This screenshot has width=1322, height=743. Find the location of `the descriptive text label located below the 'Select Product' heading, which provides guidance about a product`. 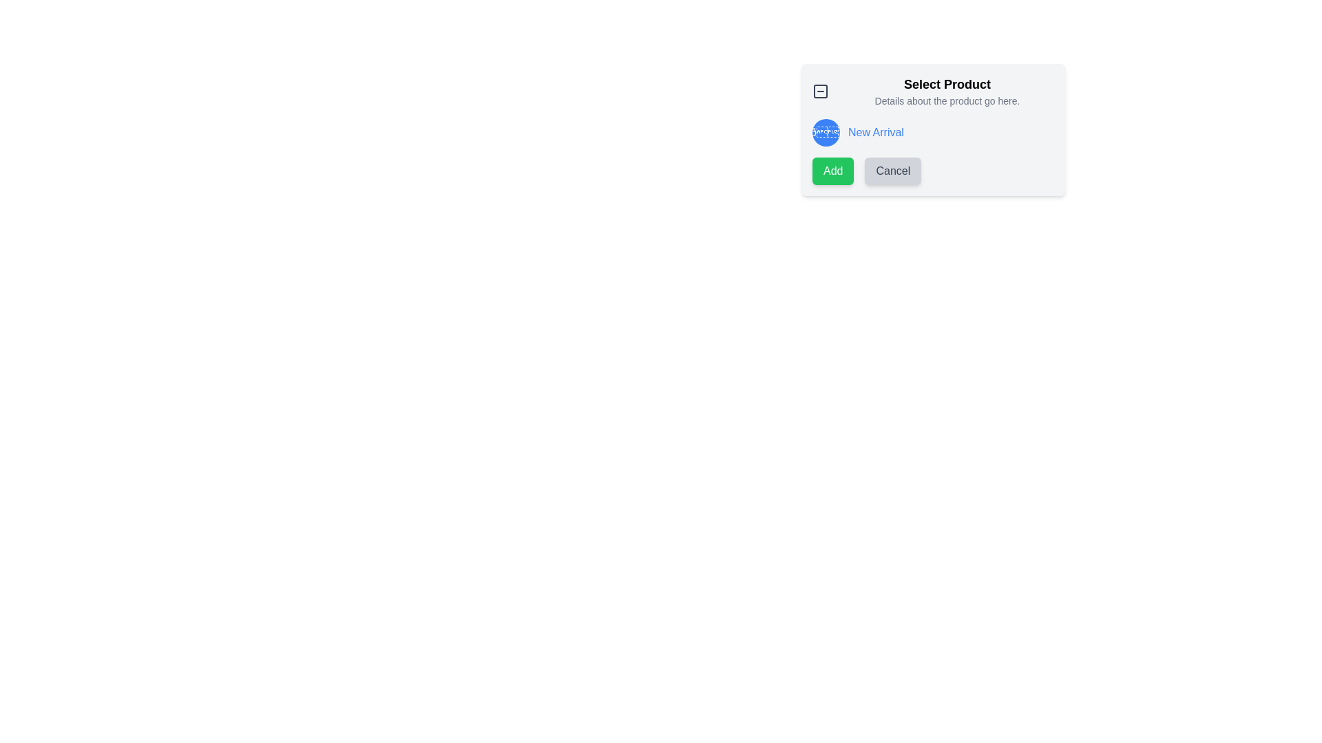

the descriptive text label located below the 'Select Product' heading, which provides guidance about a product is located at coordinates (947, 100).